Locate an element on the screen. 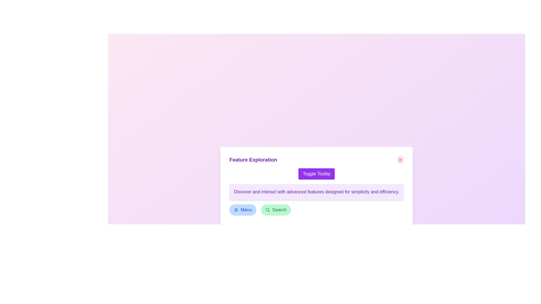  the red circular button located at the top-right corner of the 'Feature Exploration' card is located at coordinates (400, 160).